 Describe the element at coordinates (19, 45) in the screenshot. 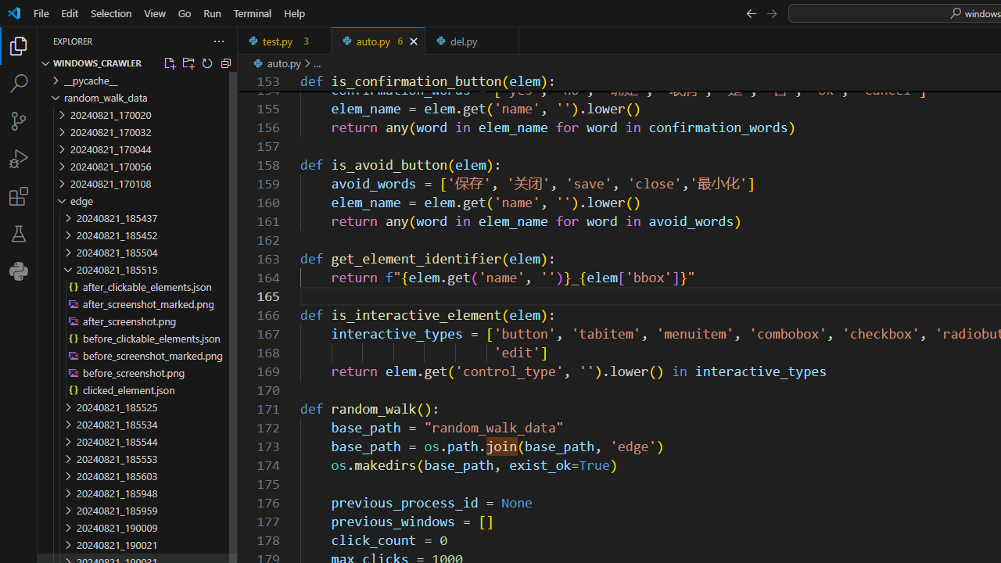

I see `'Explorer (Ctrl+Shift+E)'` at that location.